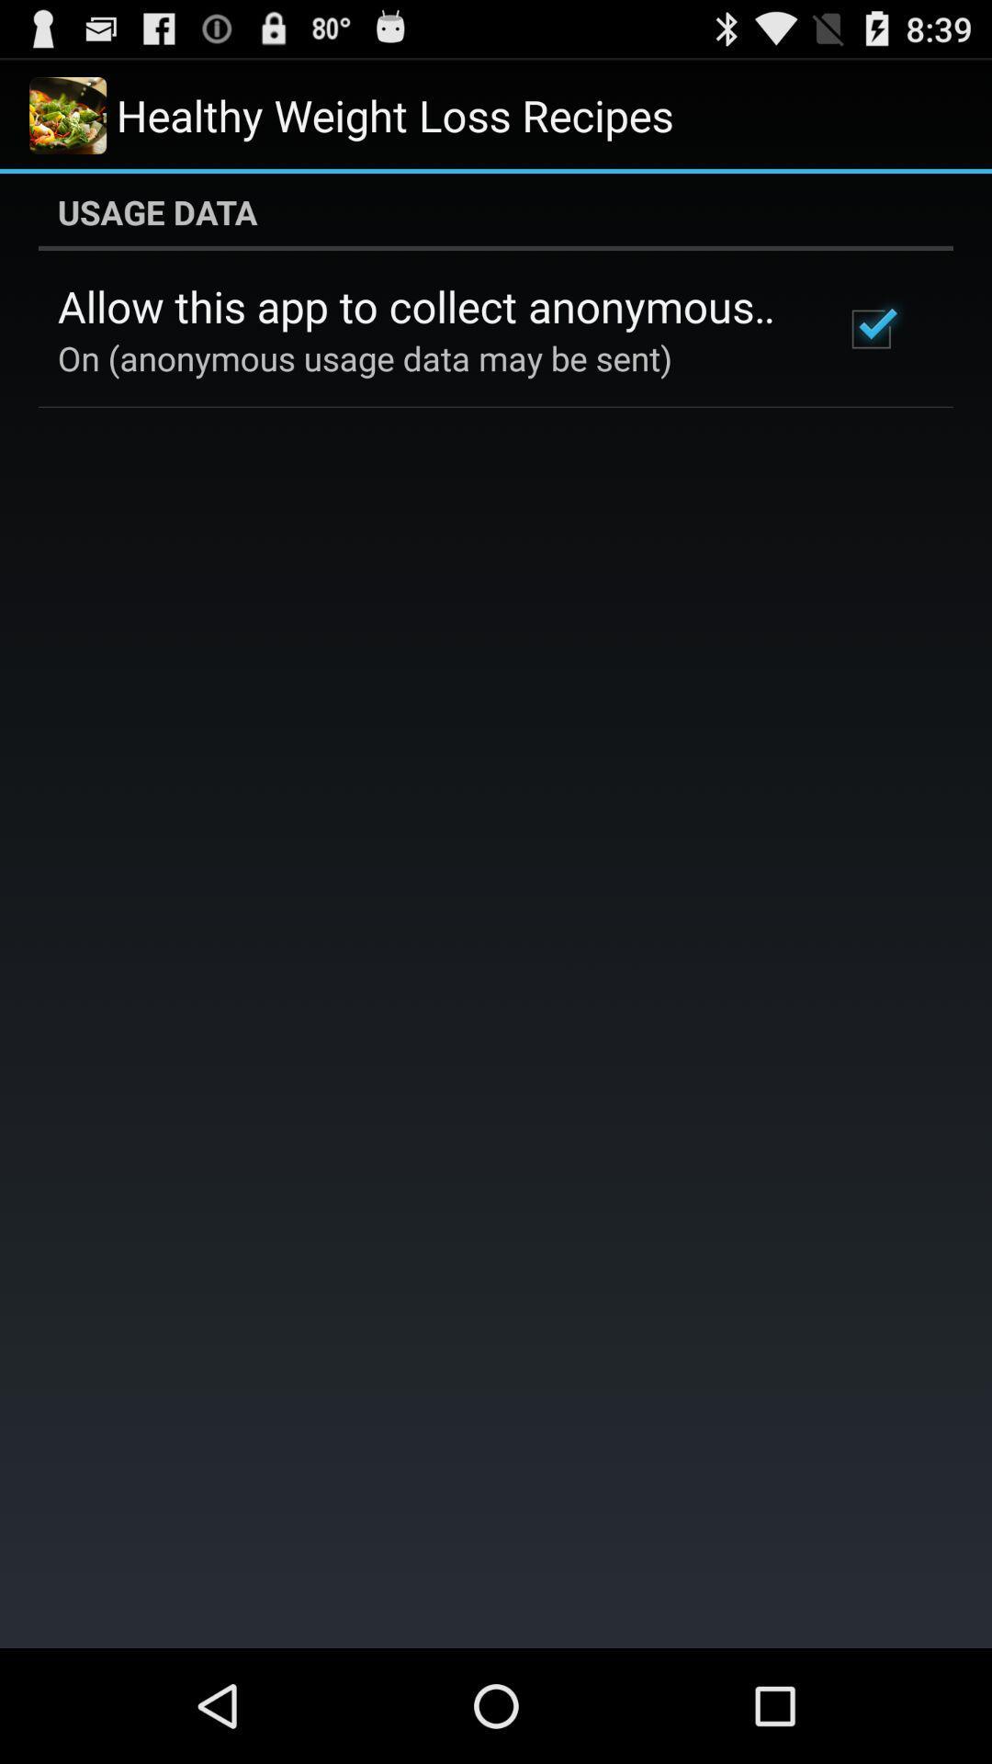 The image size is (992, 1764). I want to click on item next to allow this app icon, so click(870, 329).